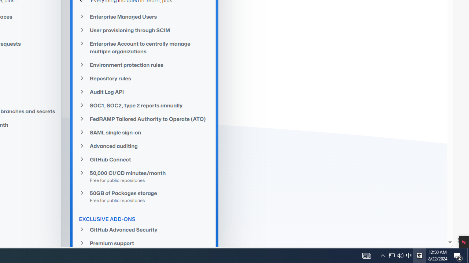 This screenshot has height=263, width=469. I want to click on 'Audit Log API', so click(144, 91).